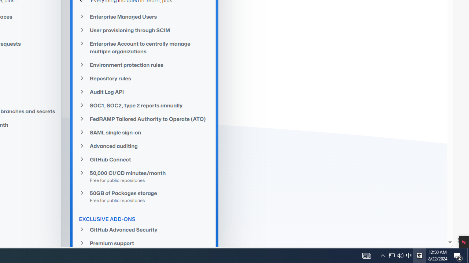 This screenshot has height=263, width=469. I want to click on 'Audit Log API', so click(144, 91).